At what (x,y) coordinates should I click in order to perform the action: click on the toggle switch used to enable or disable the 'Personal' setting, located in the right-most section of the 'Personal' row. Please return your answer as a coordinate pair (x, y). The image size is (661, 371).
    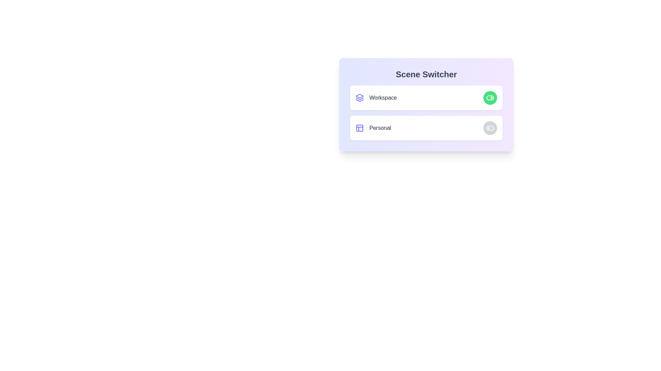
    Looking at the image, I should click on (490, 128).